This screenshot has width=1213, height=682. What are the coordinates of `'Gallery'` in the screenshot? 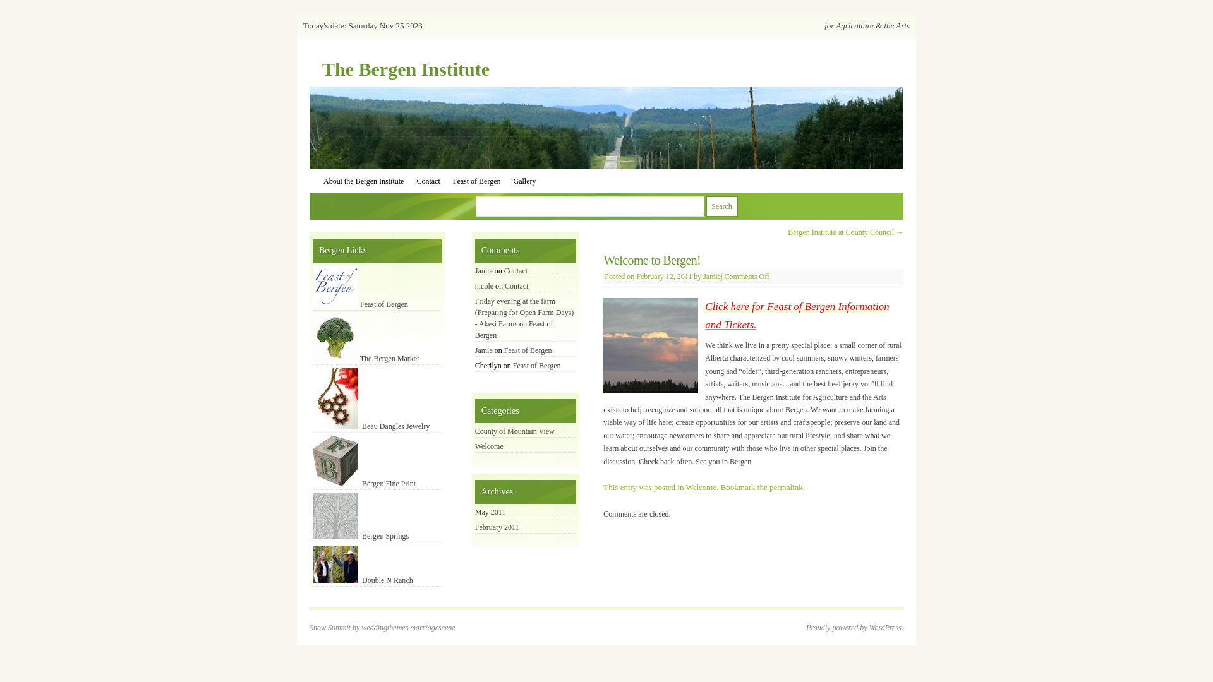 It's located at (524, 181).